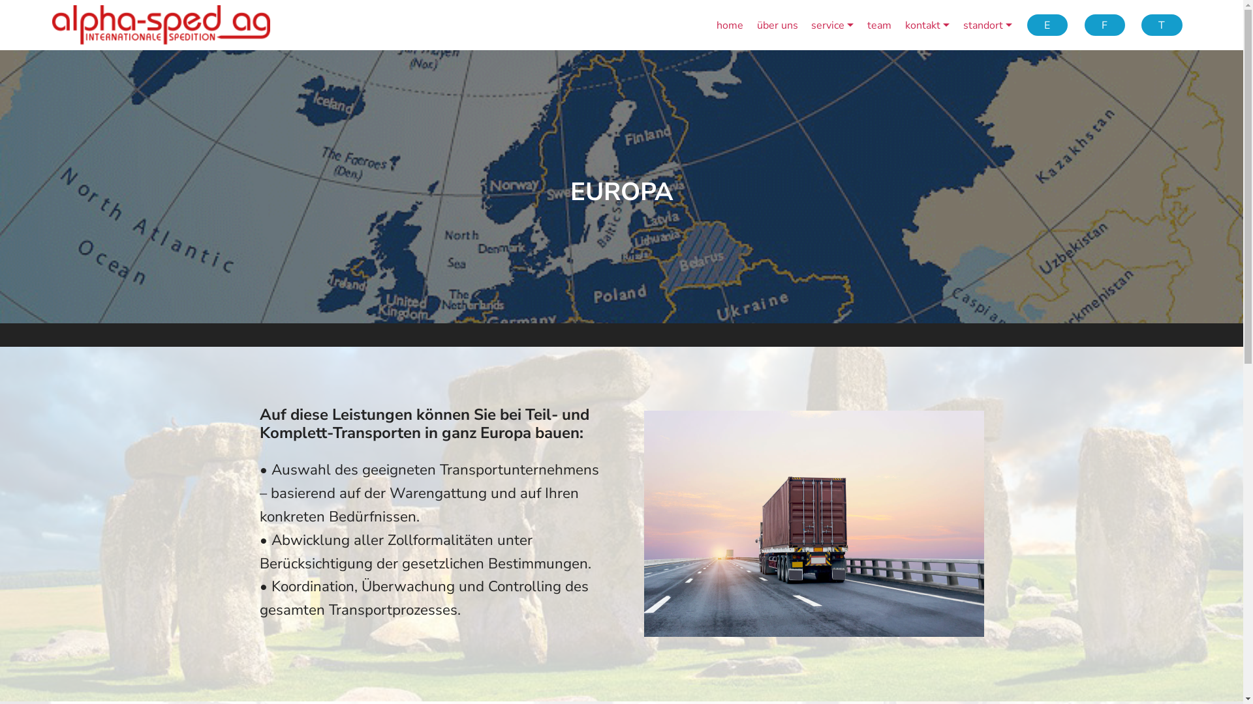 The height and width of the screenshot is (704, 1253). Describe the element at coordinates (1104, 25) in the screenshot. I see `'F'` at that location.